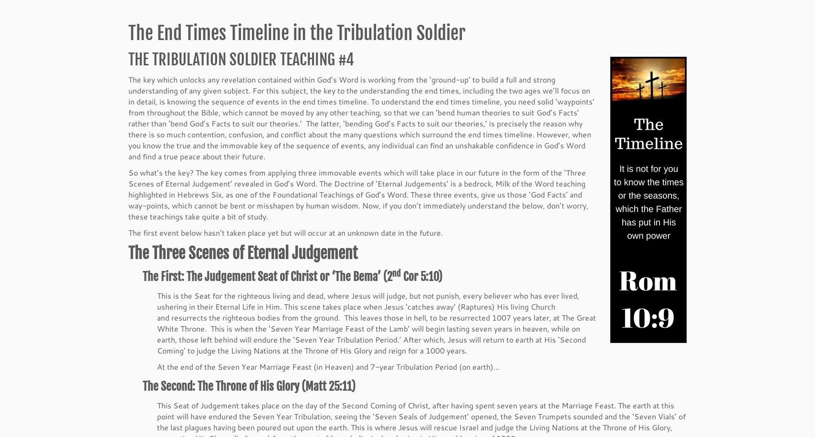  What do you see at coordinates (128, 33) in the screenshot?
I see `'The End Times Timeline in the Tribulation Soldier'` at bounding box center [128, 33].